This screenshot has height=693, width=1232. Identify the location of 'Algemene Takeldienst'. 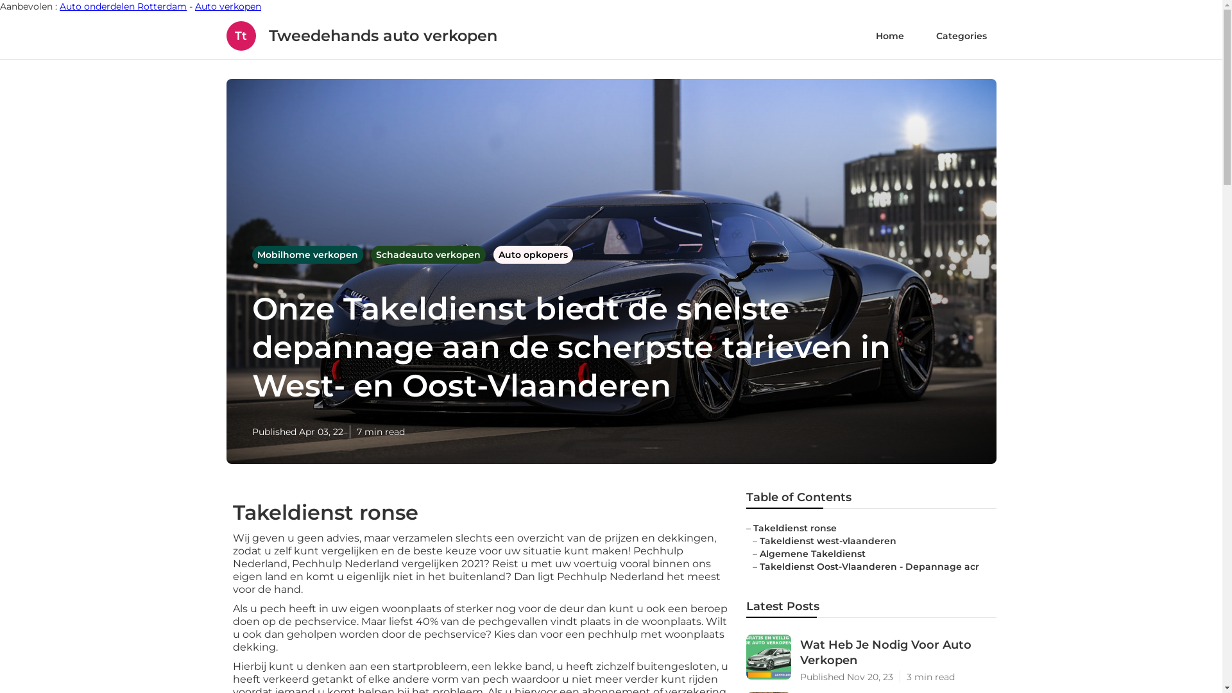
(812, 553).